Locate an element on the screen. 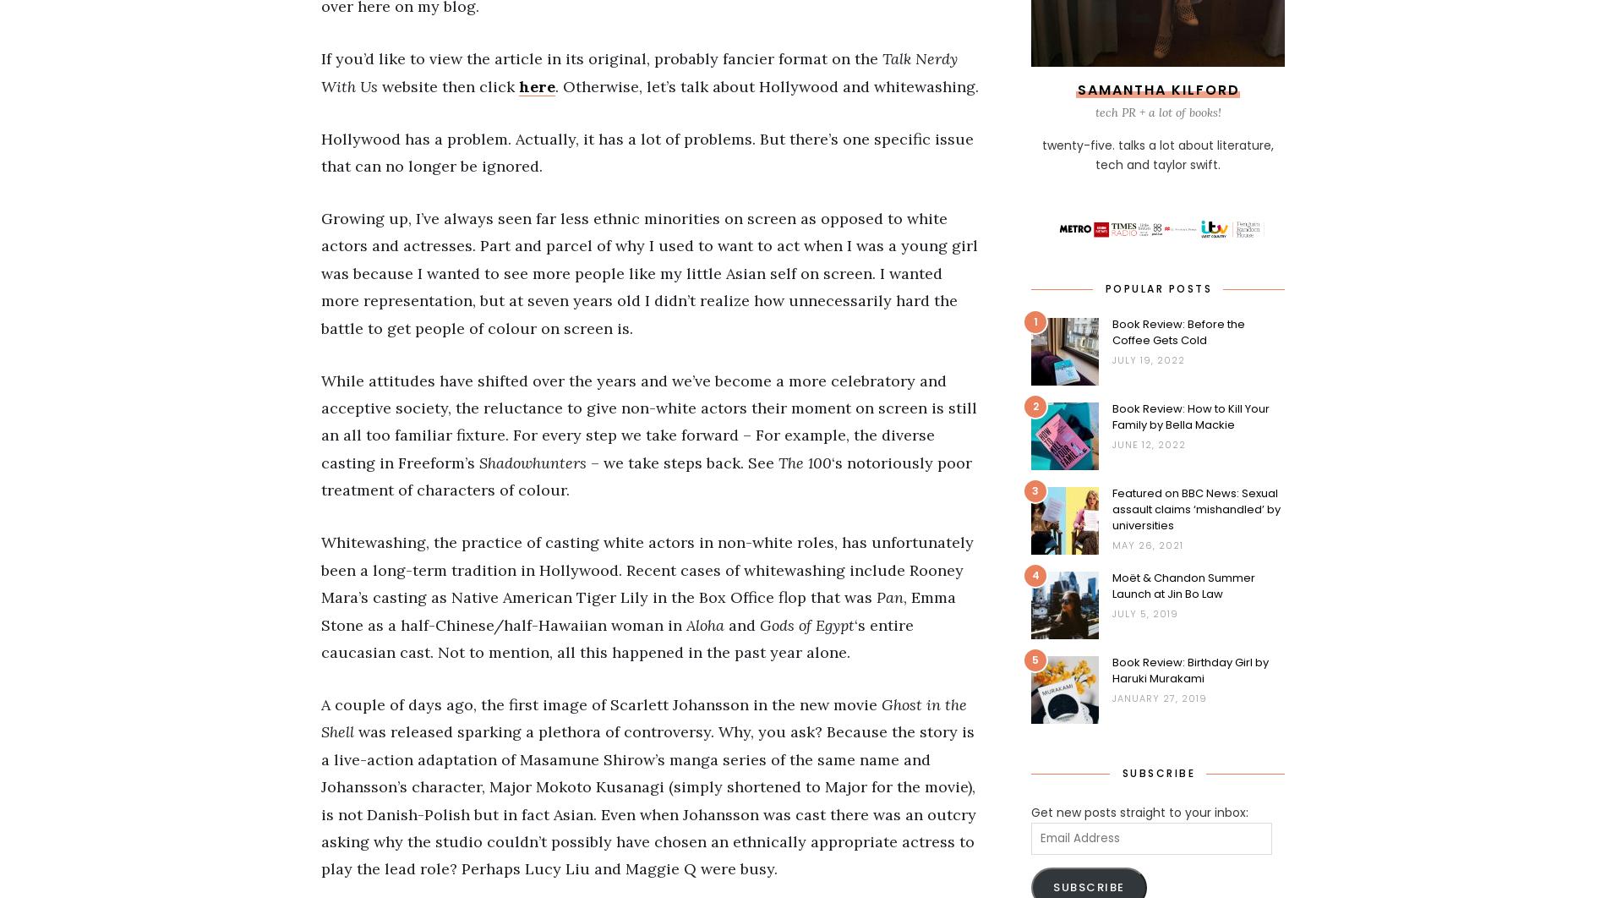 This screenshot has height=898, width=1606. 'twenty-five. talks a lot about literature, tech and taylor swift.' is located at coordinates (1157, 155).